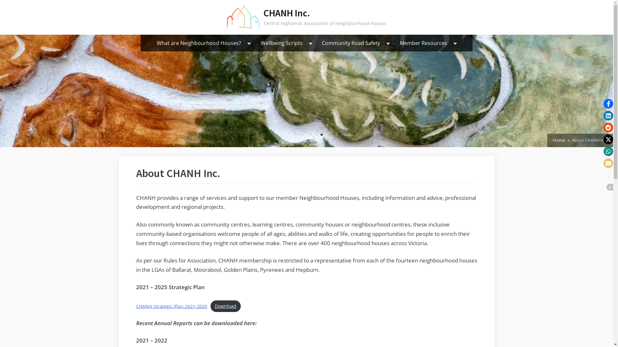  What do you see at coordinates (351, 43) in the screenshot?
I see `'Community Road Safety'` at bounding box center [351, 43].